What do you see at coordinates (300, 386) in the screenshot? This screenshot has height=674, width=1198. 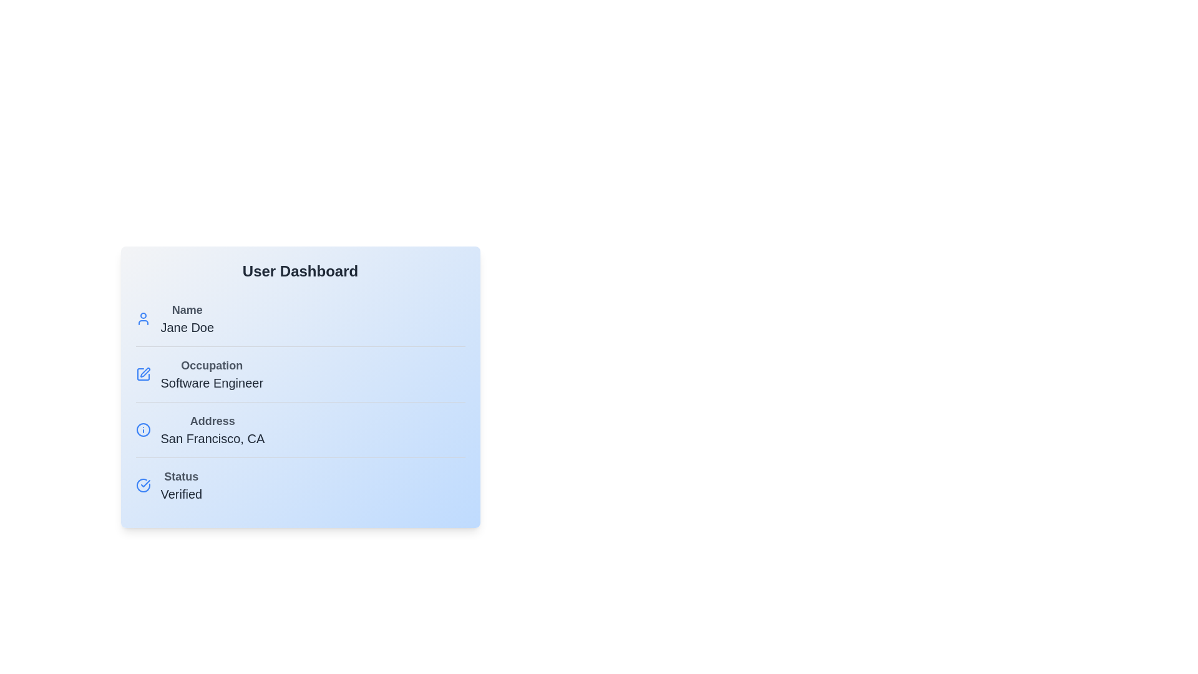 I see `inside the Informational Panel that displays user details such as name, occupation, address, and status` at bounding box center [300, 386].